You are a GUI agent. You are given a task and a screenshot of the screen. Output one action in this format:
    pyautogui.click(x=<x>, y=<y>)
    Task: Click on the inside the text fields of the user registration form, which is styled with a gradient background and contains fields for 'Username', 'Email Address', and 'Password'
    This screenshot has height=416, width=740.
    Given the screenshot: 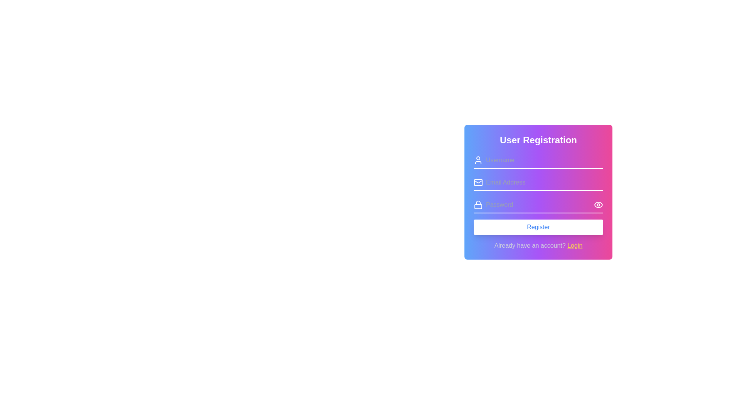 What is the action you would take?
    pyautogui.click(x=538, y=193)
    